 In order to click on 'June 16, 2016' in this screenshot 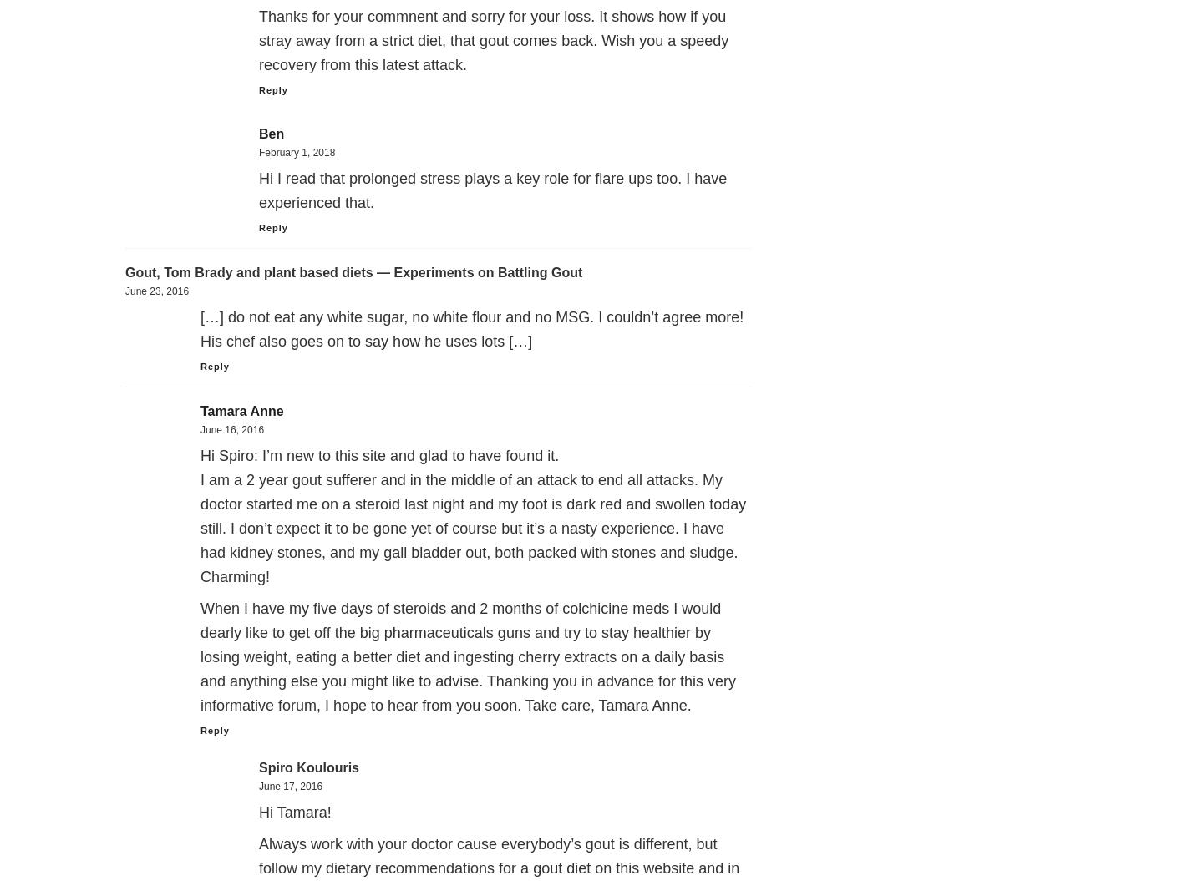, I will do `click(231, 430)`.